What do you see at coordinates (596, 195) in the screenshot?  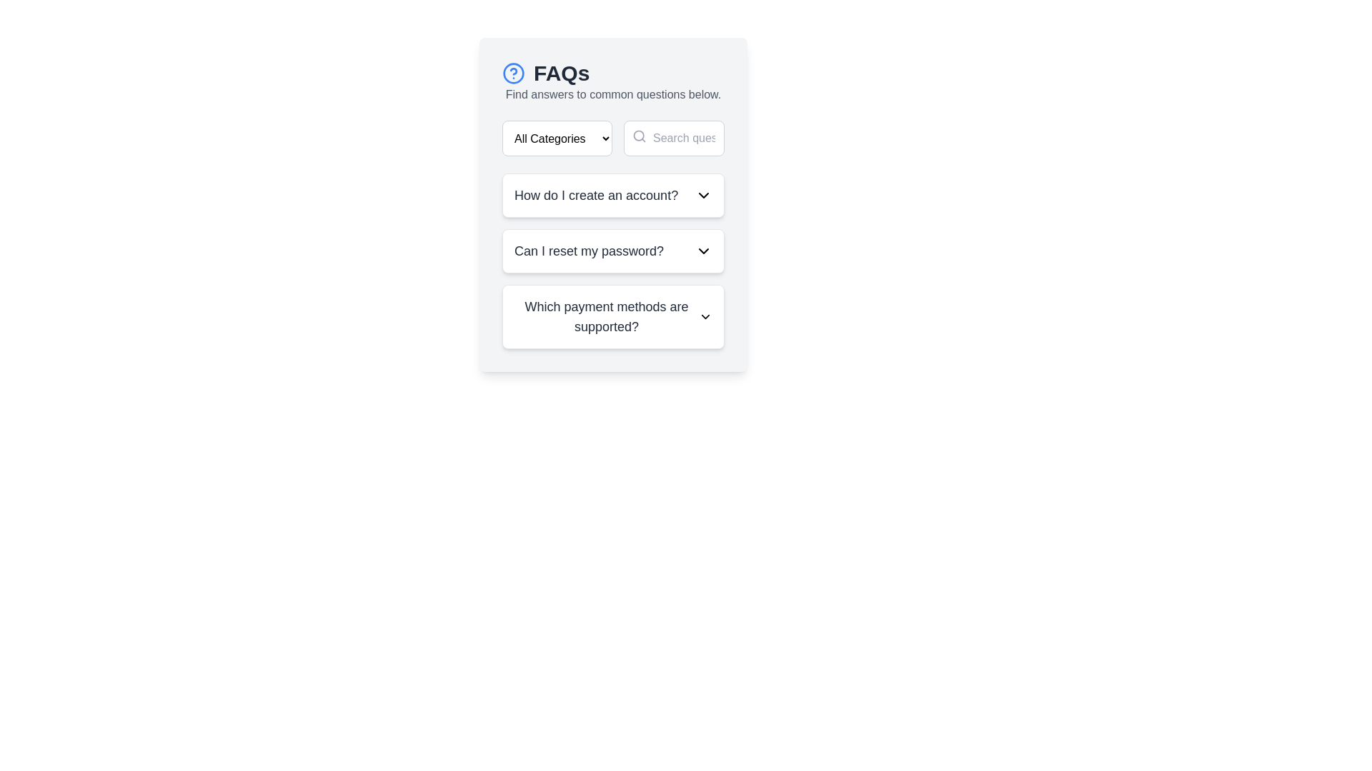 I see `the text element reading 'How do I create an account?'` at bounding box center [596, 195].